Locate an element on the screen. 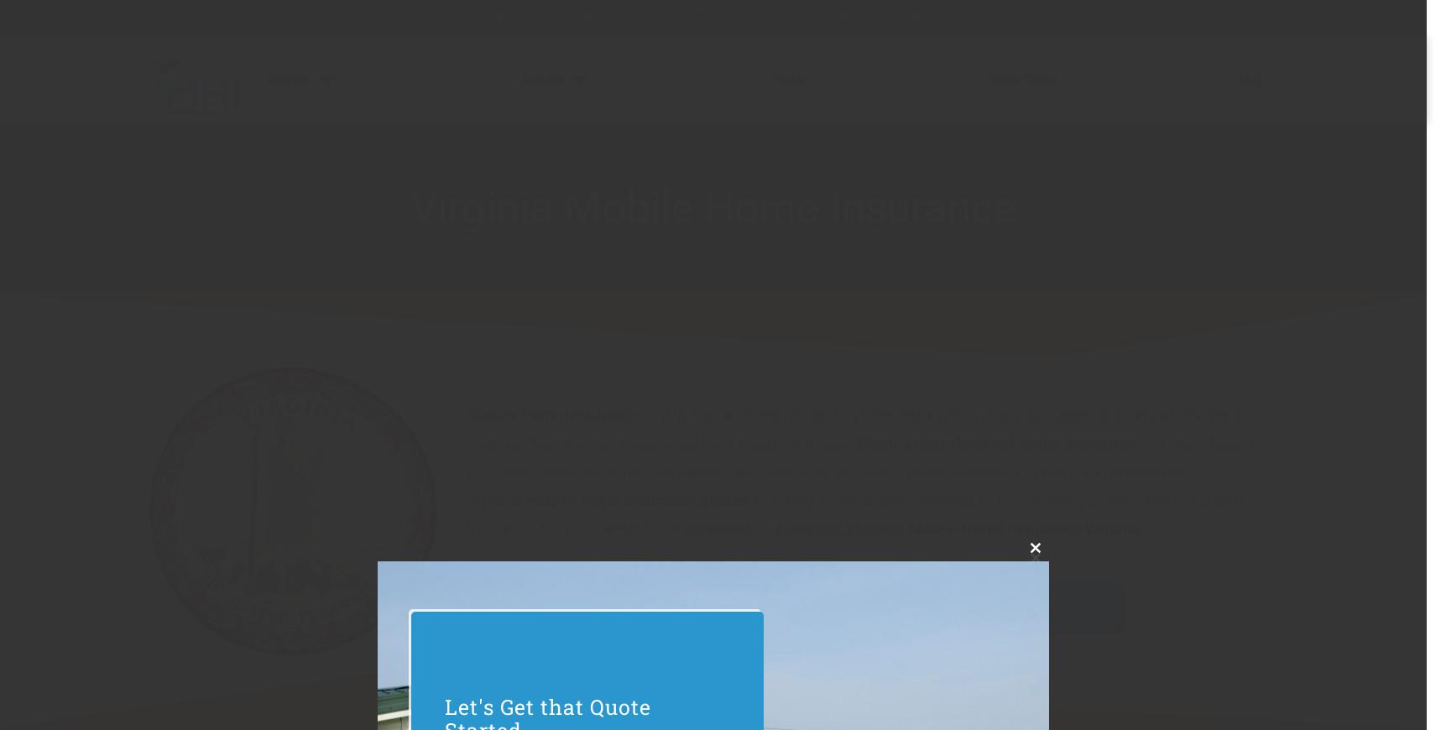 This screenshot has height=730, width=1446. 'Mobile Home Insurance Virginia' is located at coordinates (903, 528).